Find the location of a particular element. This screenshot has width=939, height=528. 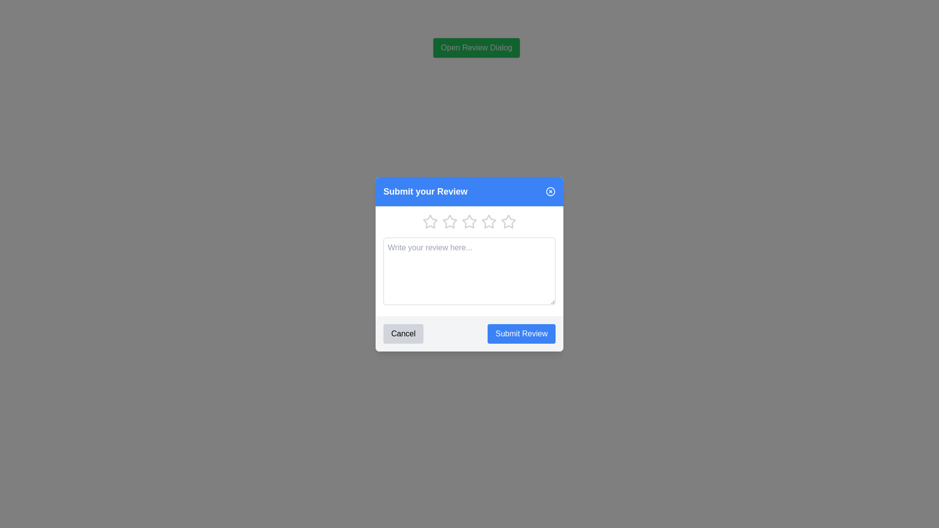

the button located near the top center of the interface is located at coordinates (476, 47).